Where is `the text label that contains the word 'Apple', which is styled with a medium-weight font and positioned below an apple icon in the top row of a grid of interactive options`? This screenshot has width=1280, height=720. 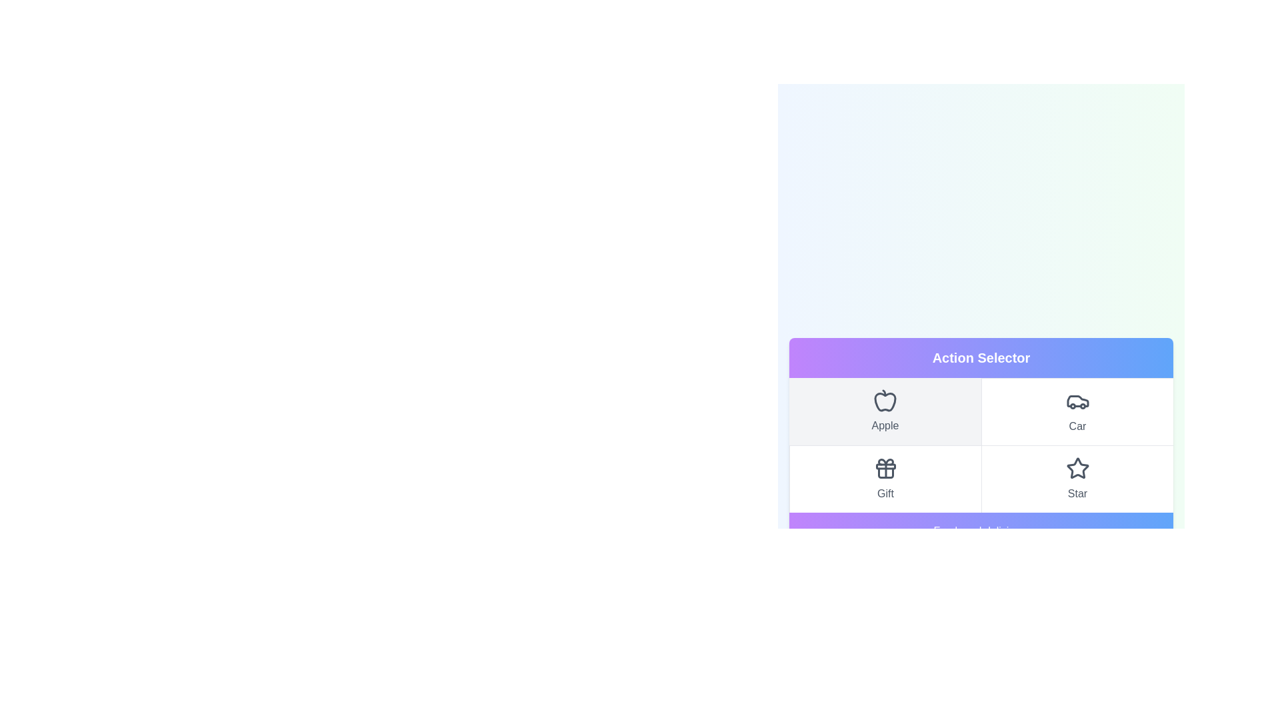 the text label that contains the word 'Apple', which is styled with a medium-weight font and positioned below an apple icon in the top row of a grid of interactive options is located at coordinates (885, 426).